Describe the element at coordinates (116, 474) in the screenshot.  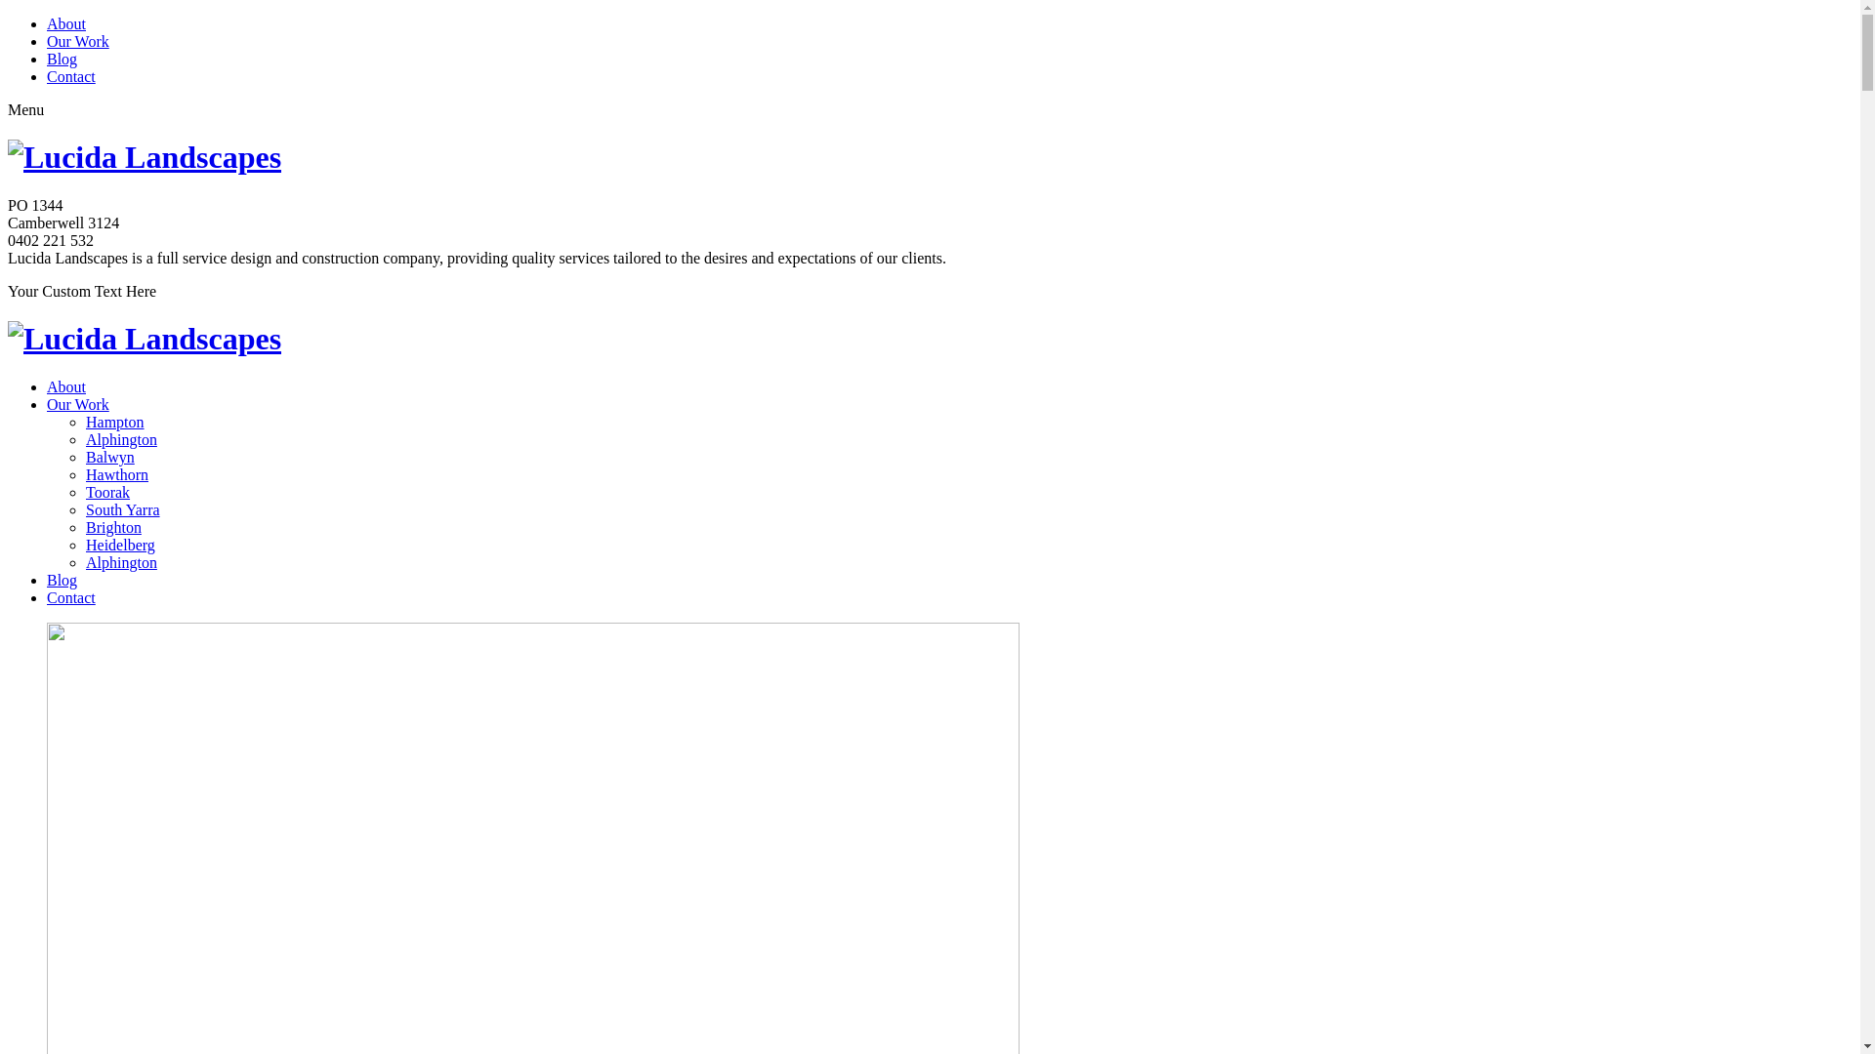
I see `'Hawthorn'` at that location.